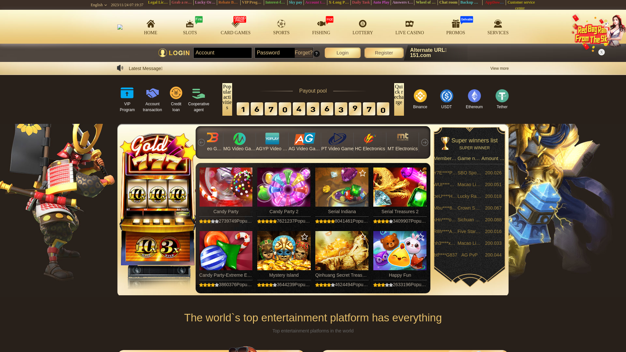  What do you see at coordinates (410, 26) in the screenshot?
I see `'LIVE CASINO'` at bounding box center [410, 26].